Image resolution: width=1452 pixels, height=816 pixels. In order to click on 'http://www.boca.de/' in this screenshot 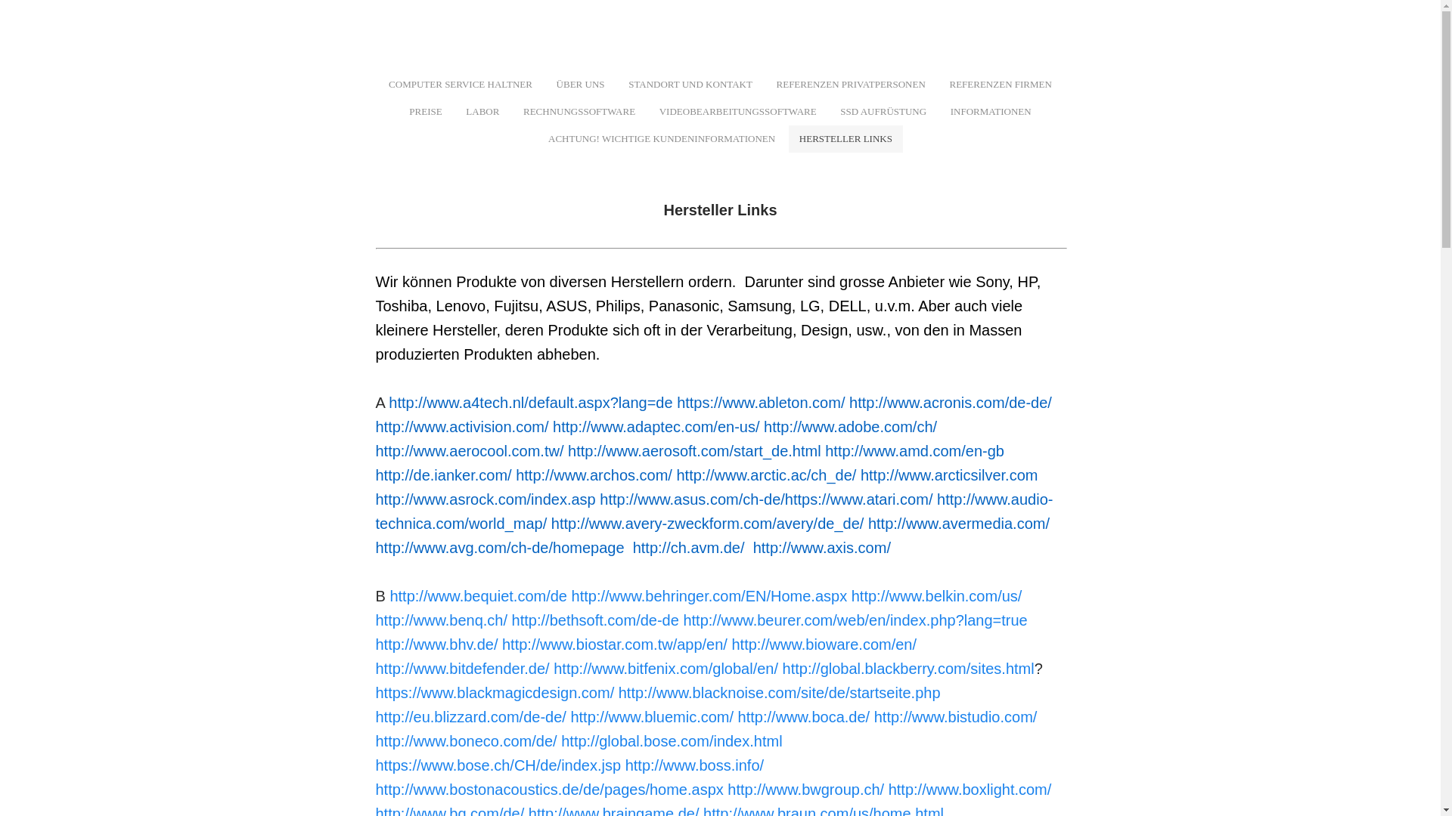, I will do `click(803, 716)`.